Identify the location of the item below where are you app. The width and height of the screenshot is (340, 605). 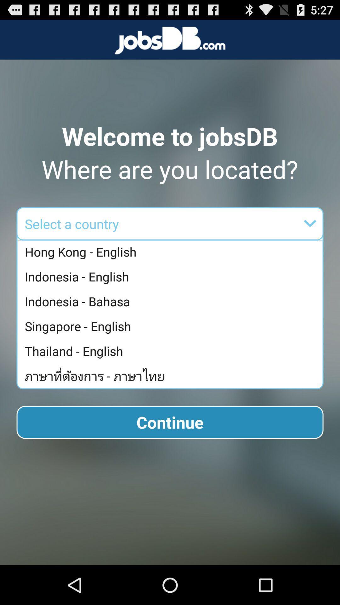
(210, 224).